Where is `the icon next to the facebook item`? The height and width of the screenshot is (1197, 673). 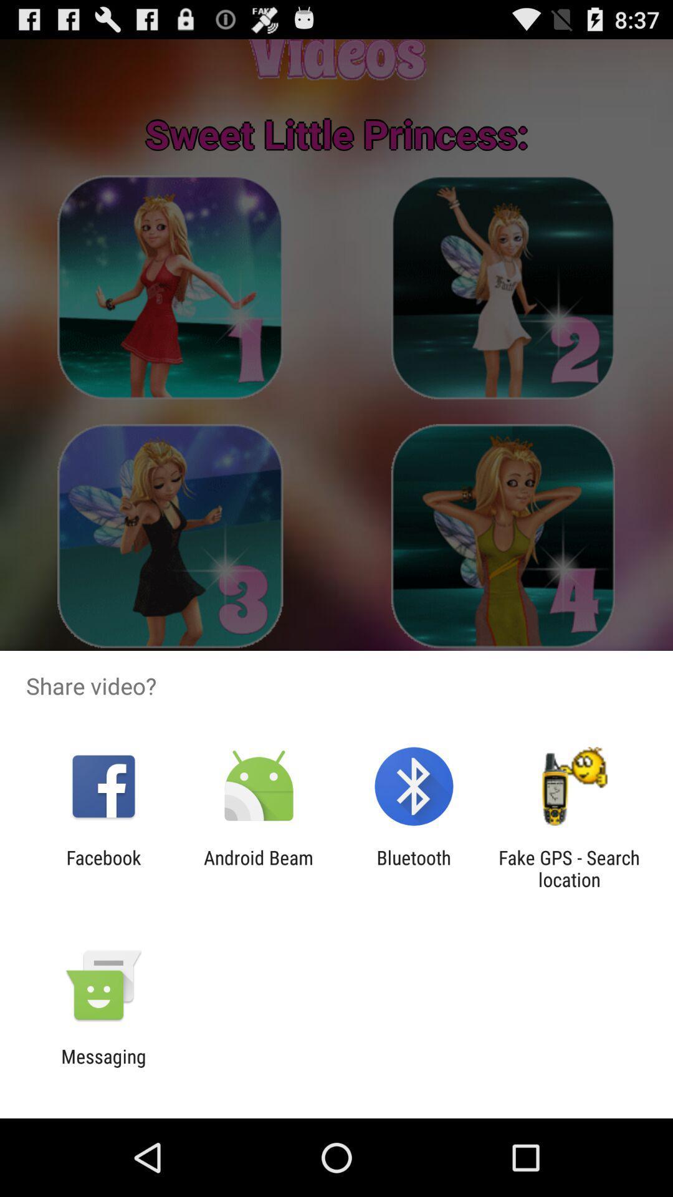 the icon next to the facebook item is located at coordinates (258, 868).